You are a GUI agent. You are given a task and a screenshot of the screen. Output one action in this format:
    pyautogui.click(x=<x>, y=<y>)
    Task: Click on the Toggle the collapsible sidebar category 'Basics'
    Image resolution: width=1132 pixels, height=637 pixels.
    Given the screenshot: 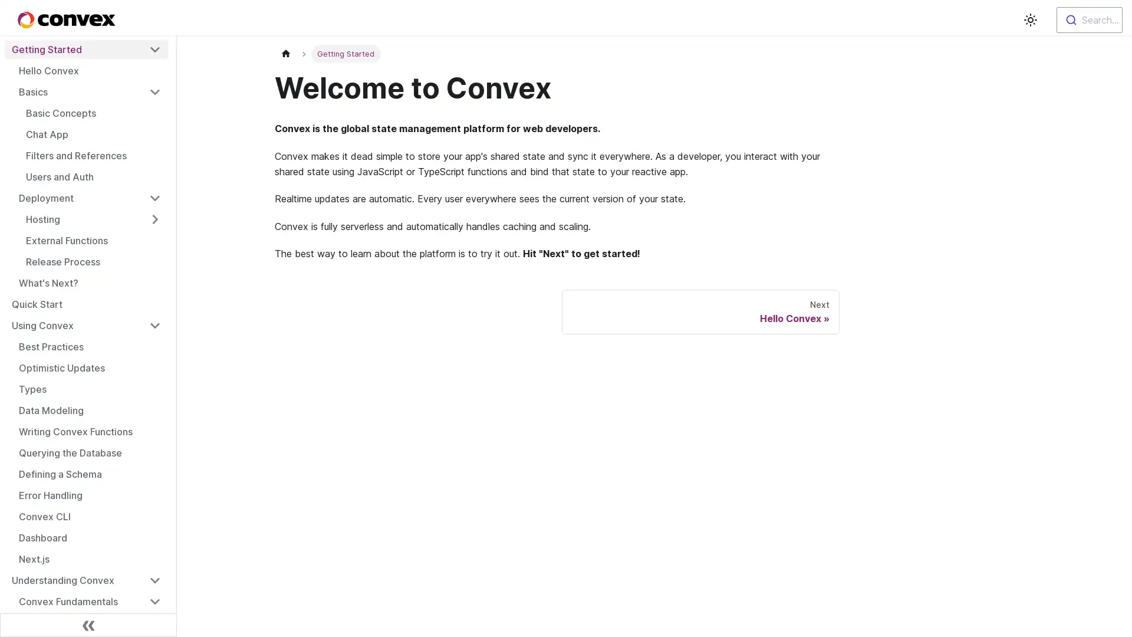 What is the action you would take?
    pyautogui.click(x=154, y=91)
    